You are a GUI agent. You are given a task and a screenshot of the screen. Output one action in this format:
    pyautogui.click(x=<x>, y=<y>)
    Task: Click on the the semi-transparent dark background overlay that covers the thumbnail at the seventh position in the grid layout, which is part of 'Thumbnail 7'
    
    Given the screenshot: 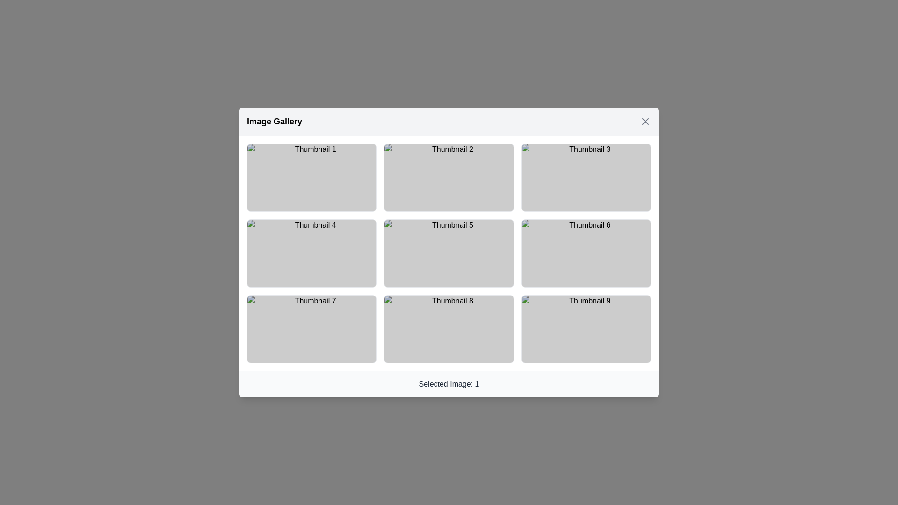 What is the action you would take?
    pyautogui.click(x=311, y=329)
    